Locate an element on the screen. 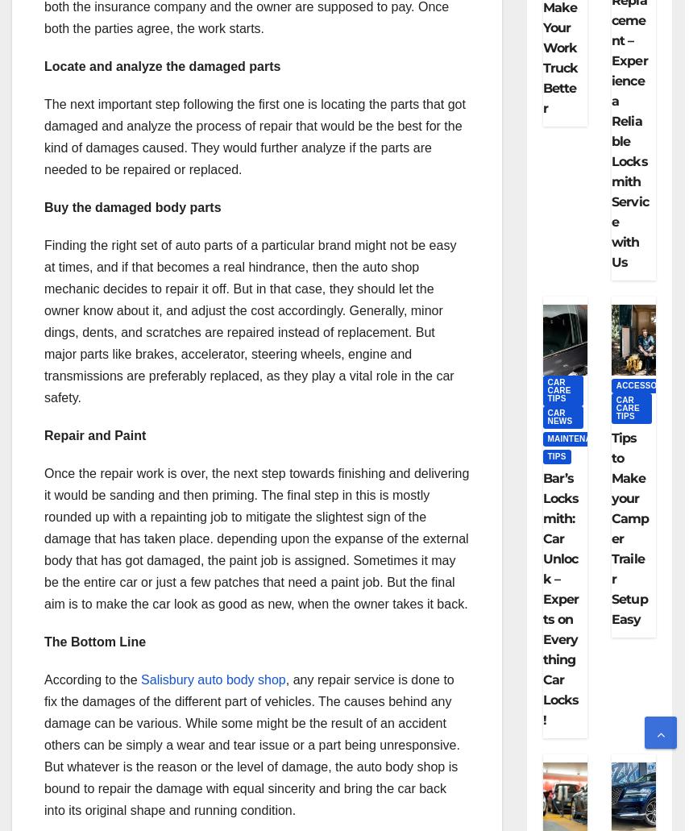  'According to the' is located at coordinates (91, 679).